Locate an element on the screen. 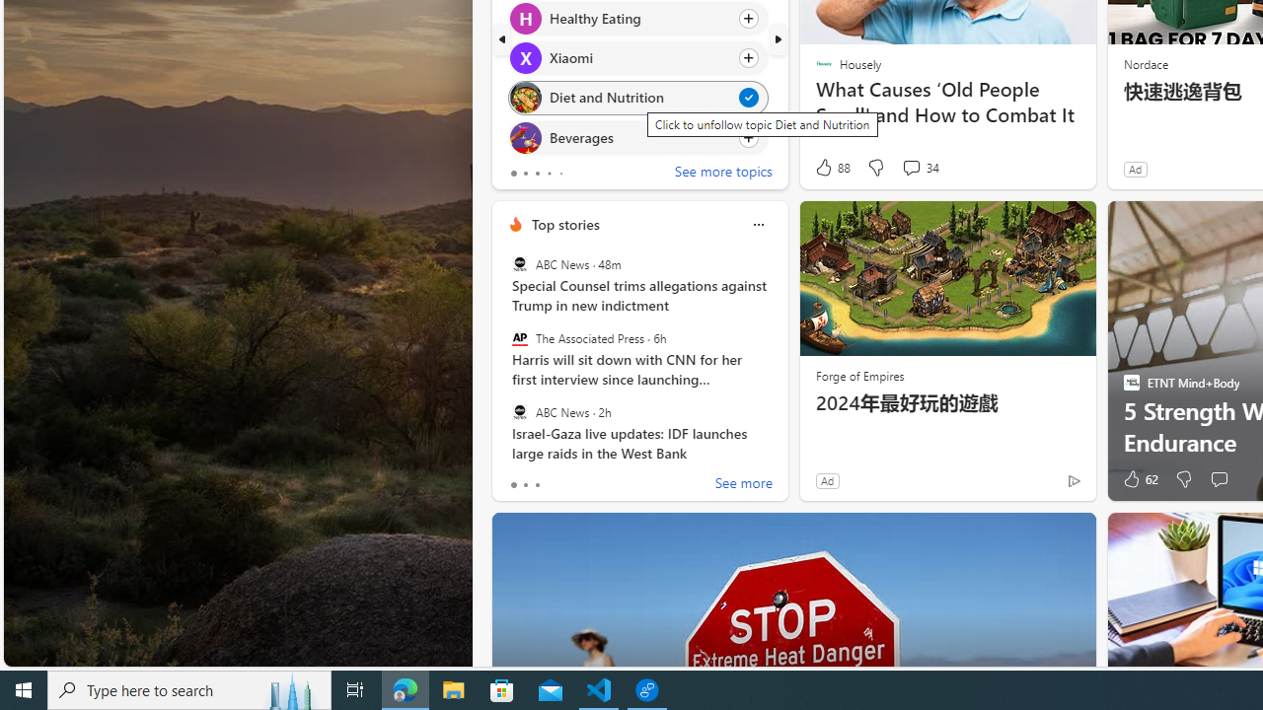 The height and width of the screenshot is (710, 1263). 'Class: icon-img' is located at coordinates (757, 224).